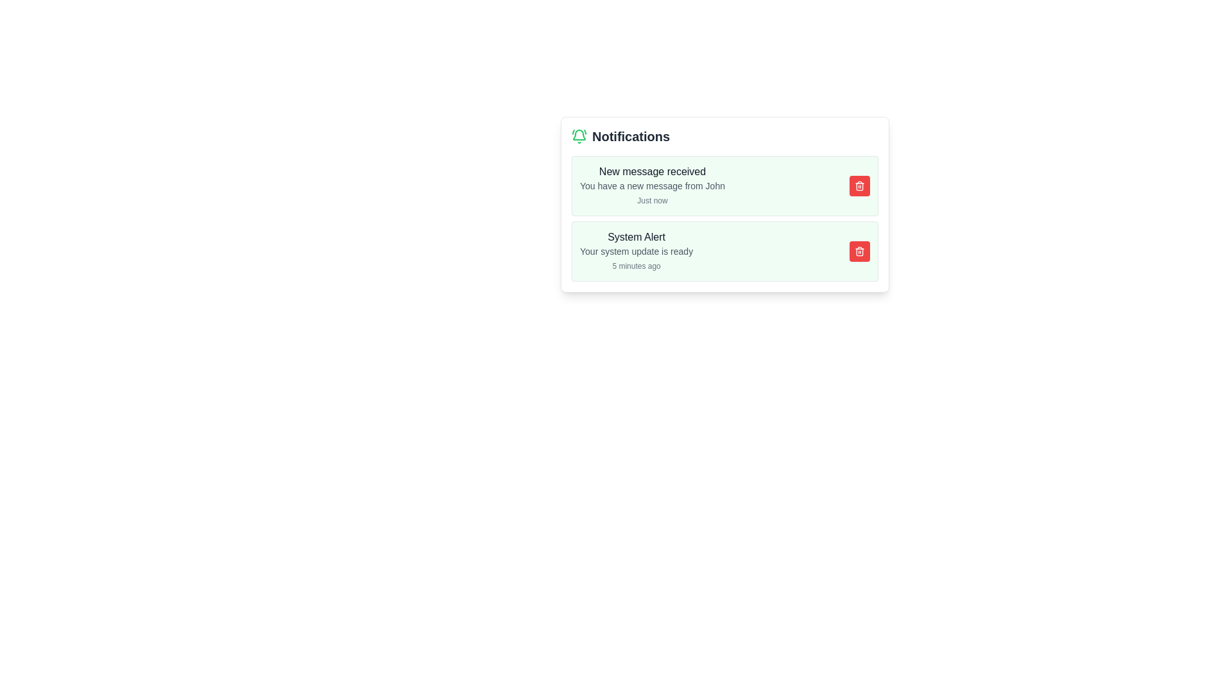  What do you see at coordinates (859, 252) in the screenshot?
I see `the small trash bin icon button with a red background and white outlines` at bounding box center [859, 252].